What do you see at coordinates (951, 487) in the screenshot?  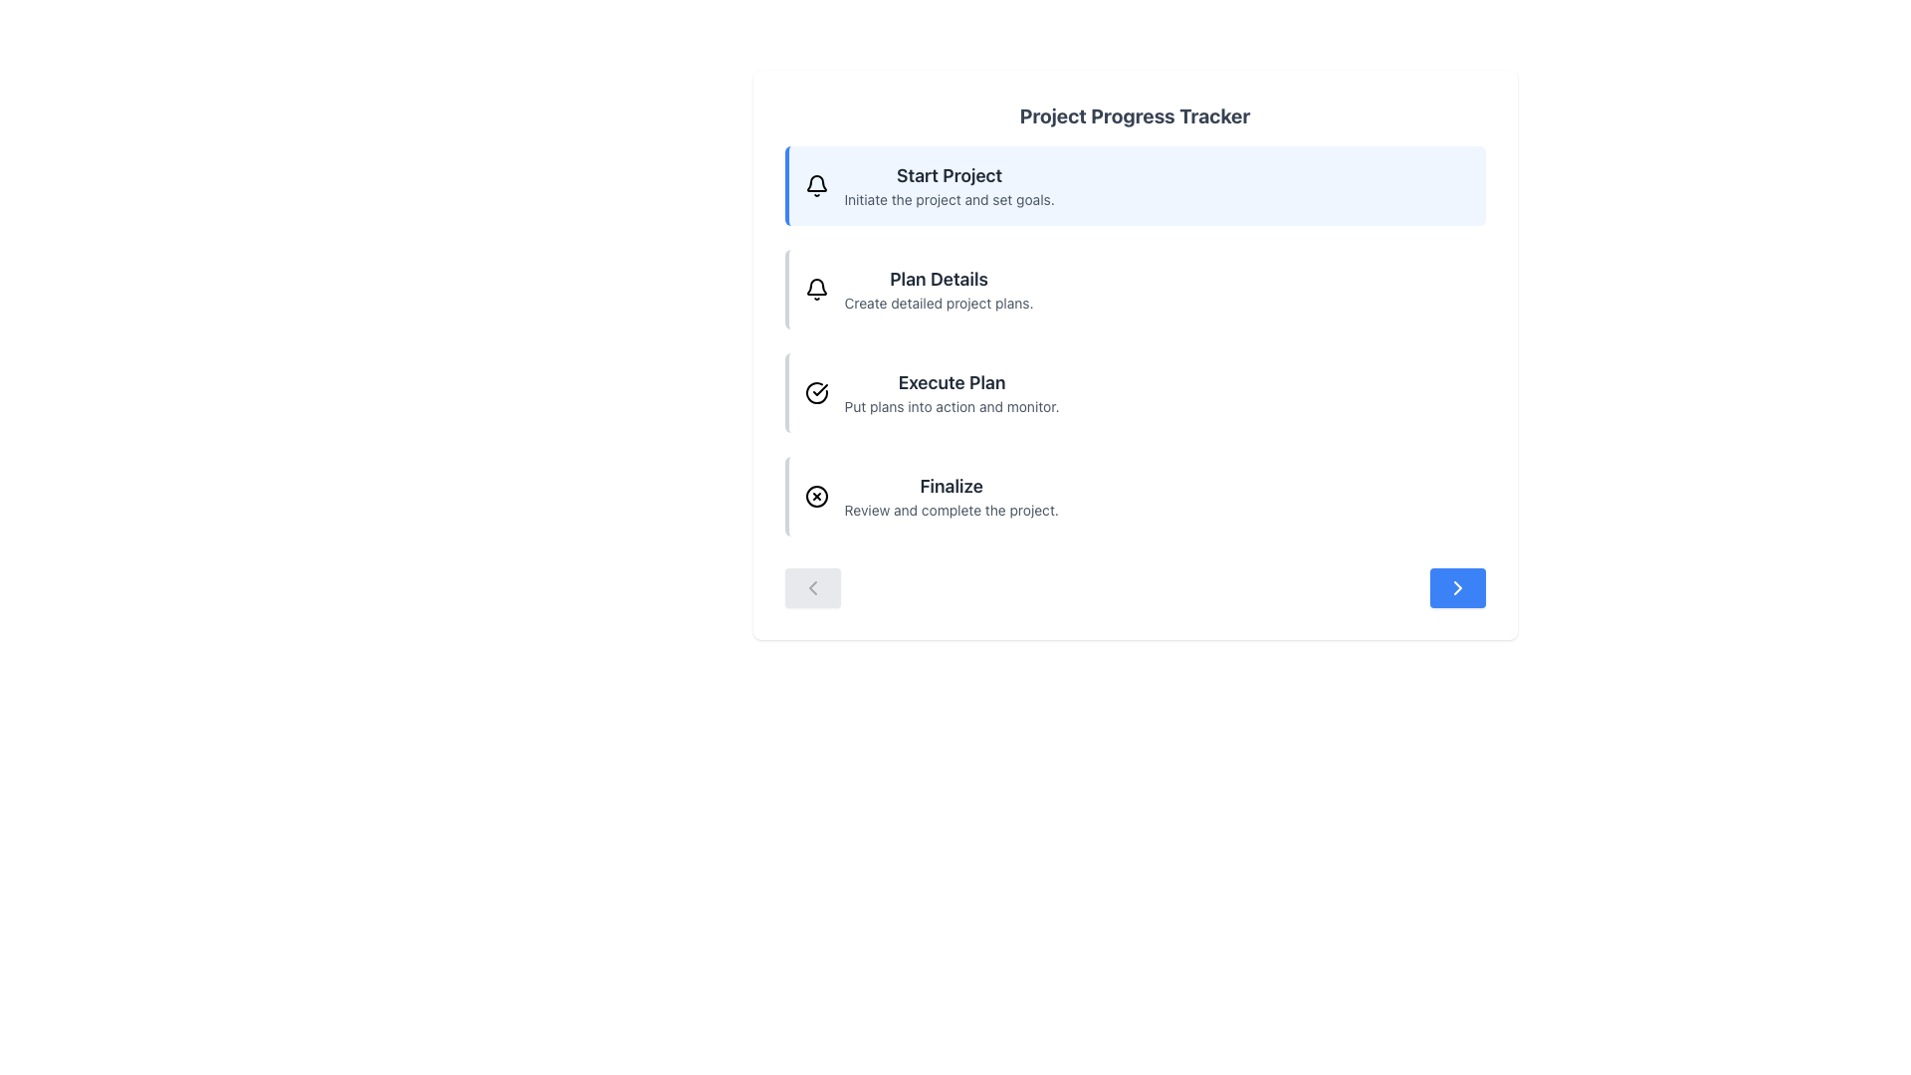 I see `the bold text label displaying 'Finalize' in dark gray, which is positioned above the description text 'Review and complete the project.'` at bounding box center [951, 487].